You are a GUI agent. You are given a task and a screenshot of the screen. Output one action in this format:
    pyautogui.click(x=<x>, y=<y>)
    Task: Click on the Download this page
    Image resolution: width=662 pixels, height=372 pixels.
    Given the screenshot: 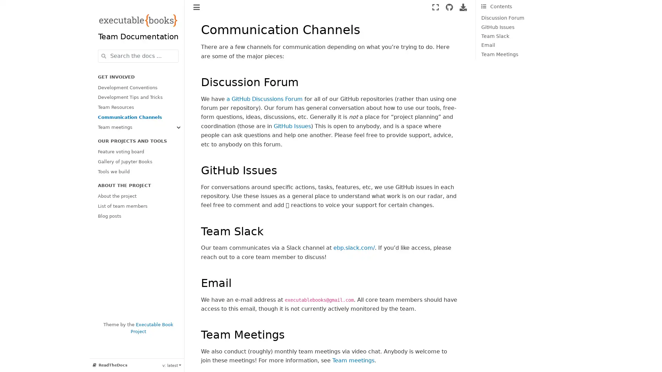 What is the action you would take?
    pyautogui.click(x=463, y=7)
    